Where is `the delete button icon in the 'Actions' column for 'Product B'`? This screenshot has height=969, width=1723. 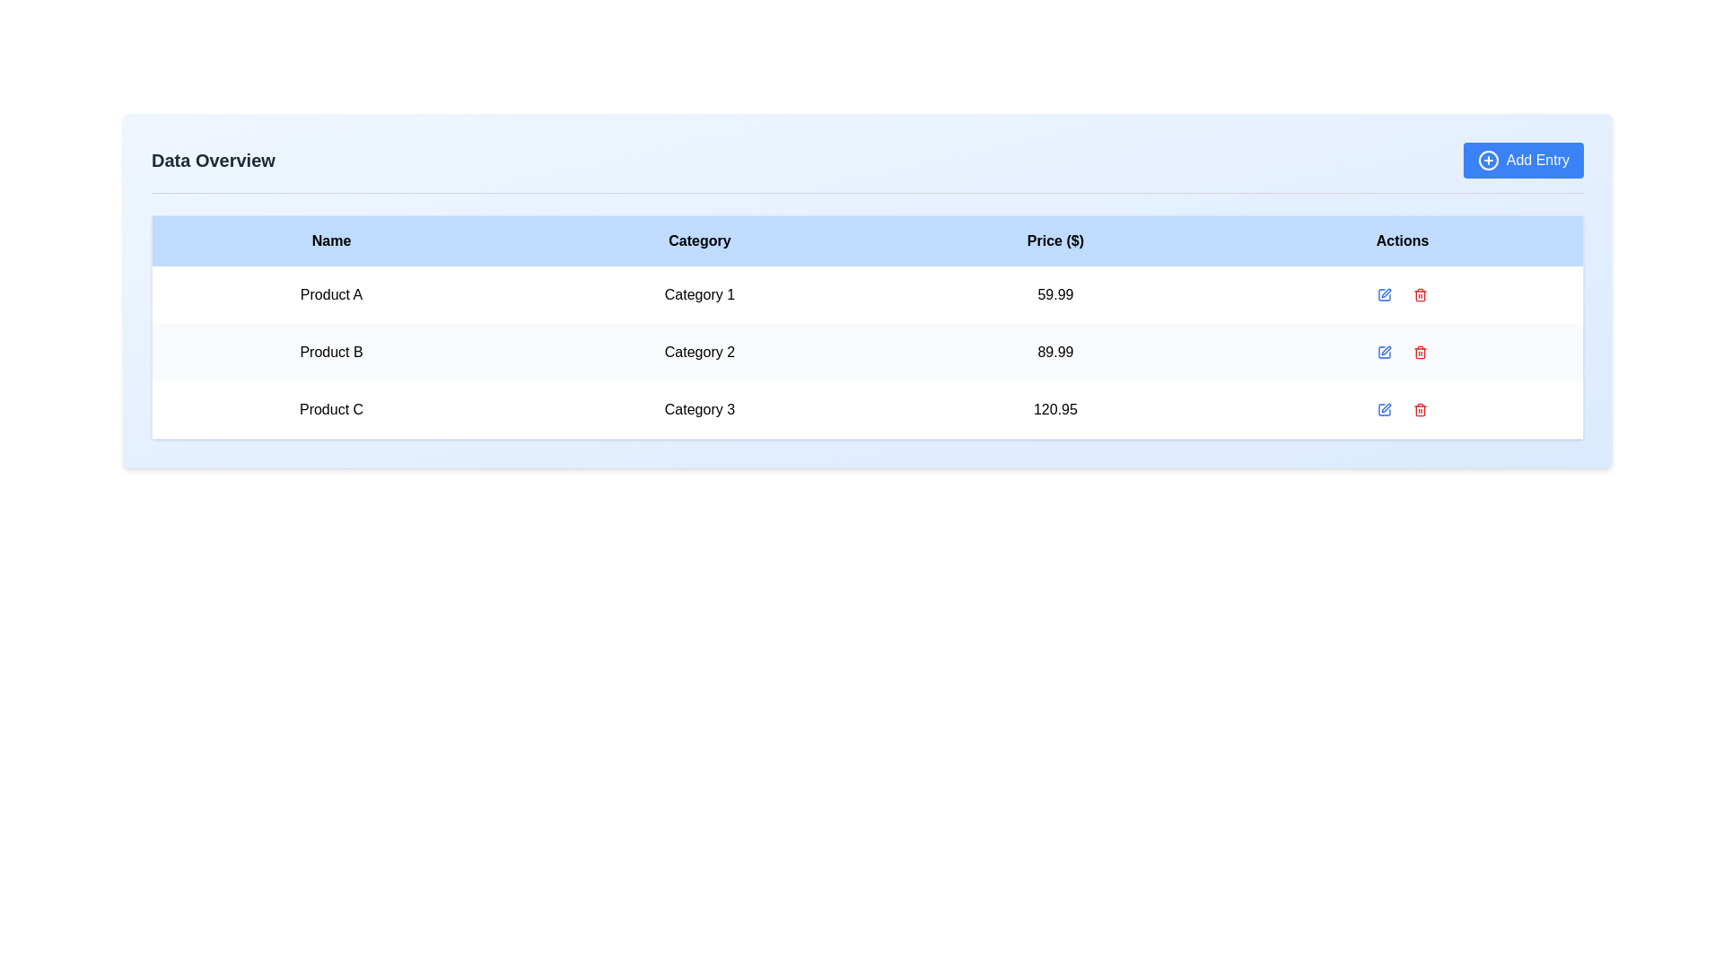
the delete button icon in the 'Actions' column for 'Product B' is located at coordinates (1420, 353).